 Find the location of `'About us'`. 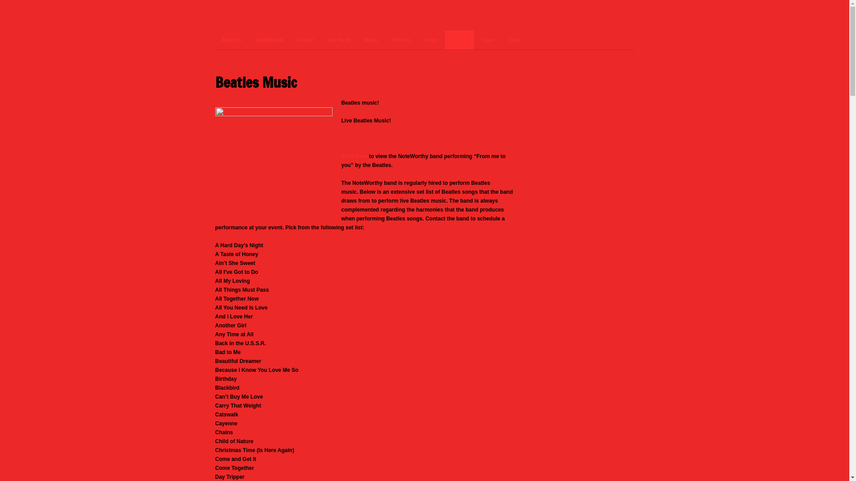

'About us' is located at coordinates (231, 39).